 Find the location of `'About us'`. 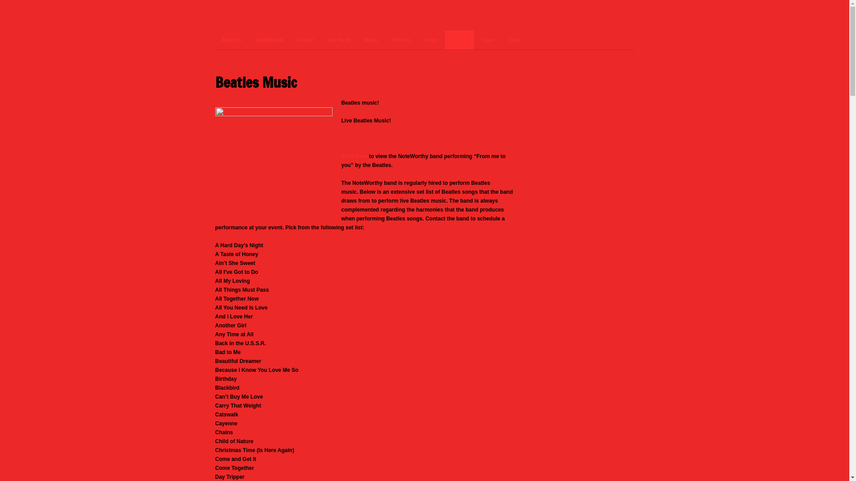

'About us' is located at coordinates (231, 39).